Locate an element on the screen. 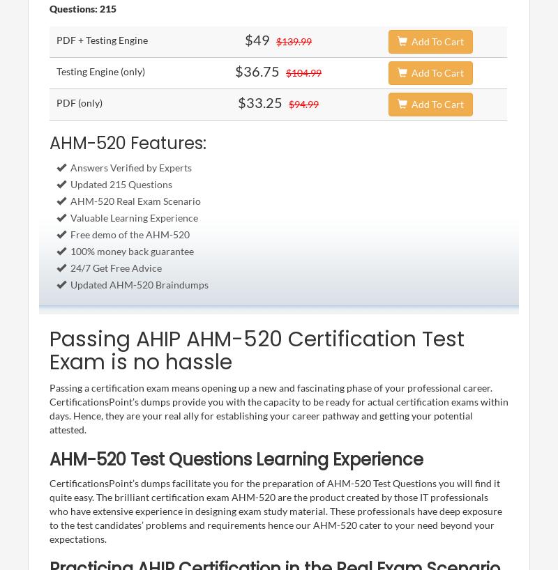  'Updated 215 Questions' is located at coordinates (66, 184).